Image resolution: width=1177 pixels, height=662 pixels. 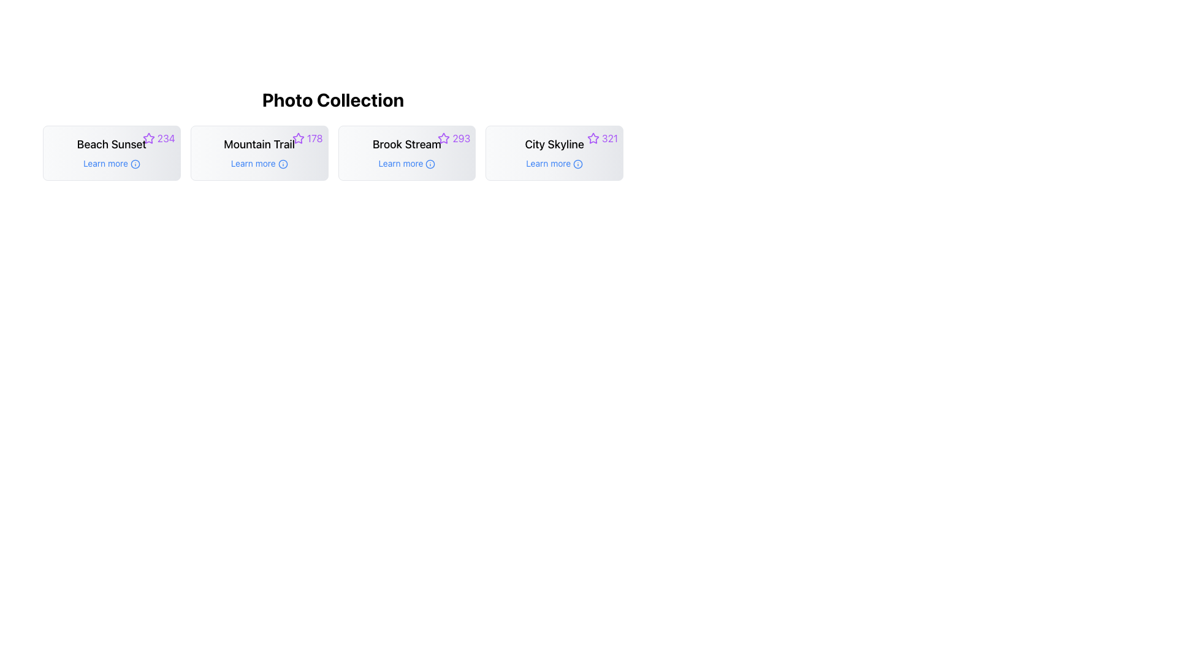 I want to click on the rating indicator, which consists of a purple outlined star icon followed by the number '178' in purple text, located at the top-right corner inside the card for 'Mountain Trail', so click(x=307, y=138).